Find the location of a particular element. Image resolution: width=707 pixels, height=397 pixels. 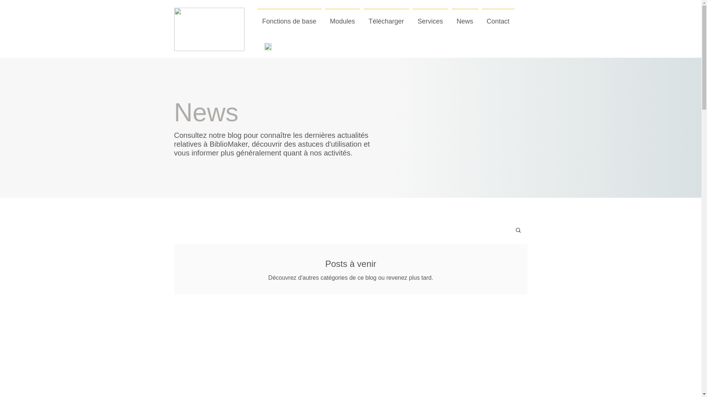

'Contact' is located at coordinates (480, 18).